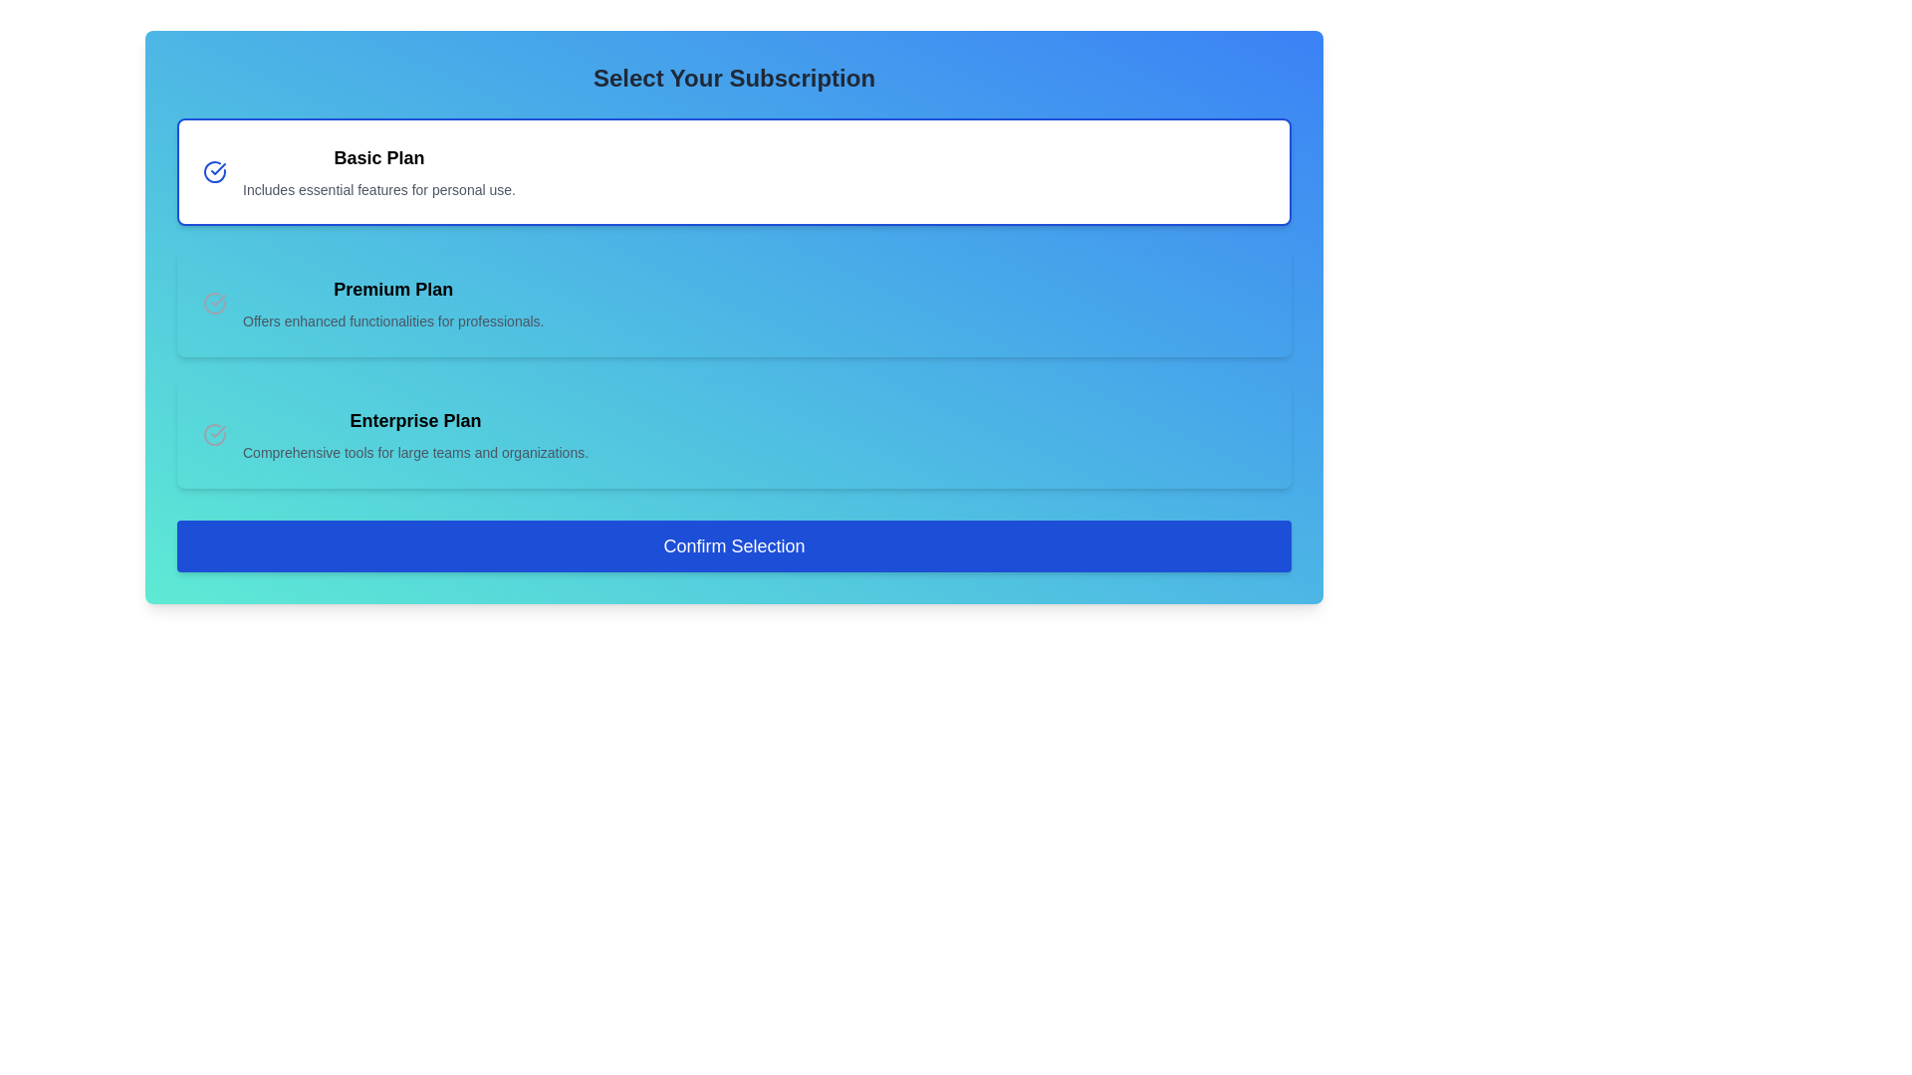 The height and width of the screenshot is (1075, 1912). Describe the element at coordinates (414, 420) in the screenshot. I see `the 'Enterprise Plan' text label, which is bold and larger in font size, serving as a headline for the subscription options` at that location.